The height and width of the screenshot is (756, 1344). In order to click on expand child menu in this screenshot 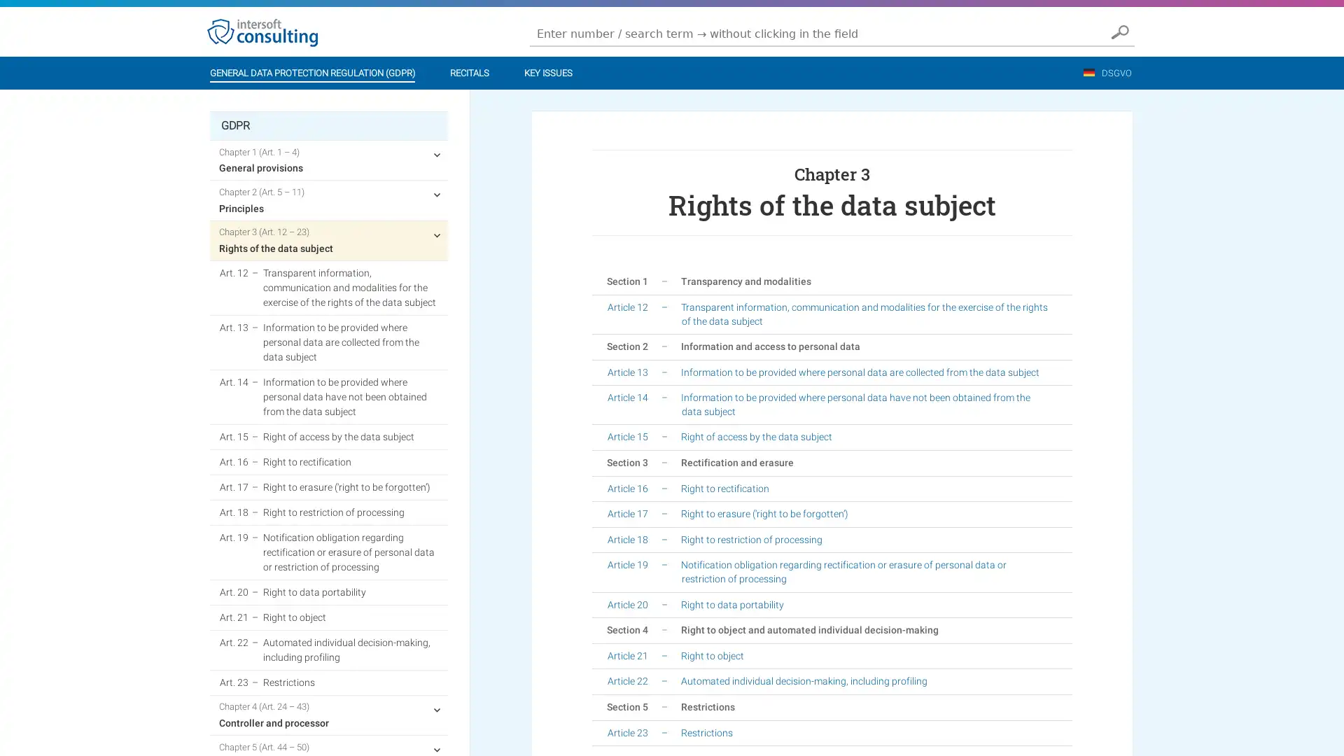, I will do `click(436, 154)`.